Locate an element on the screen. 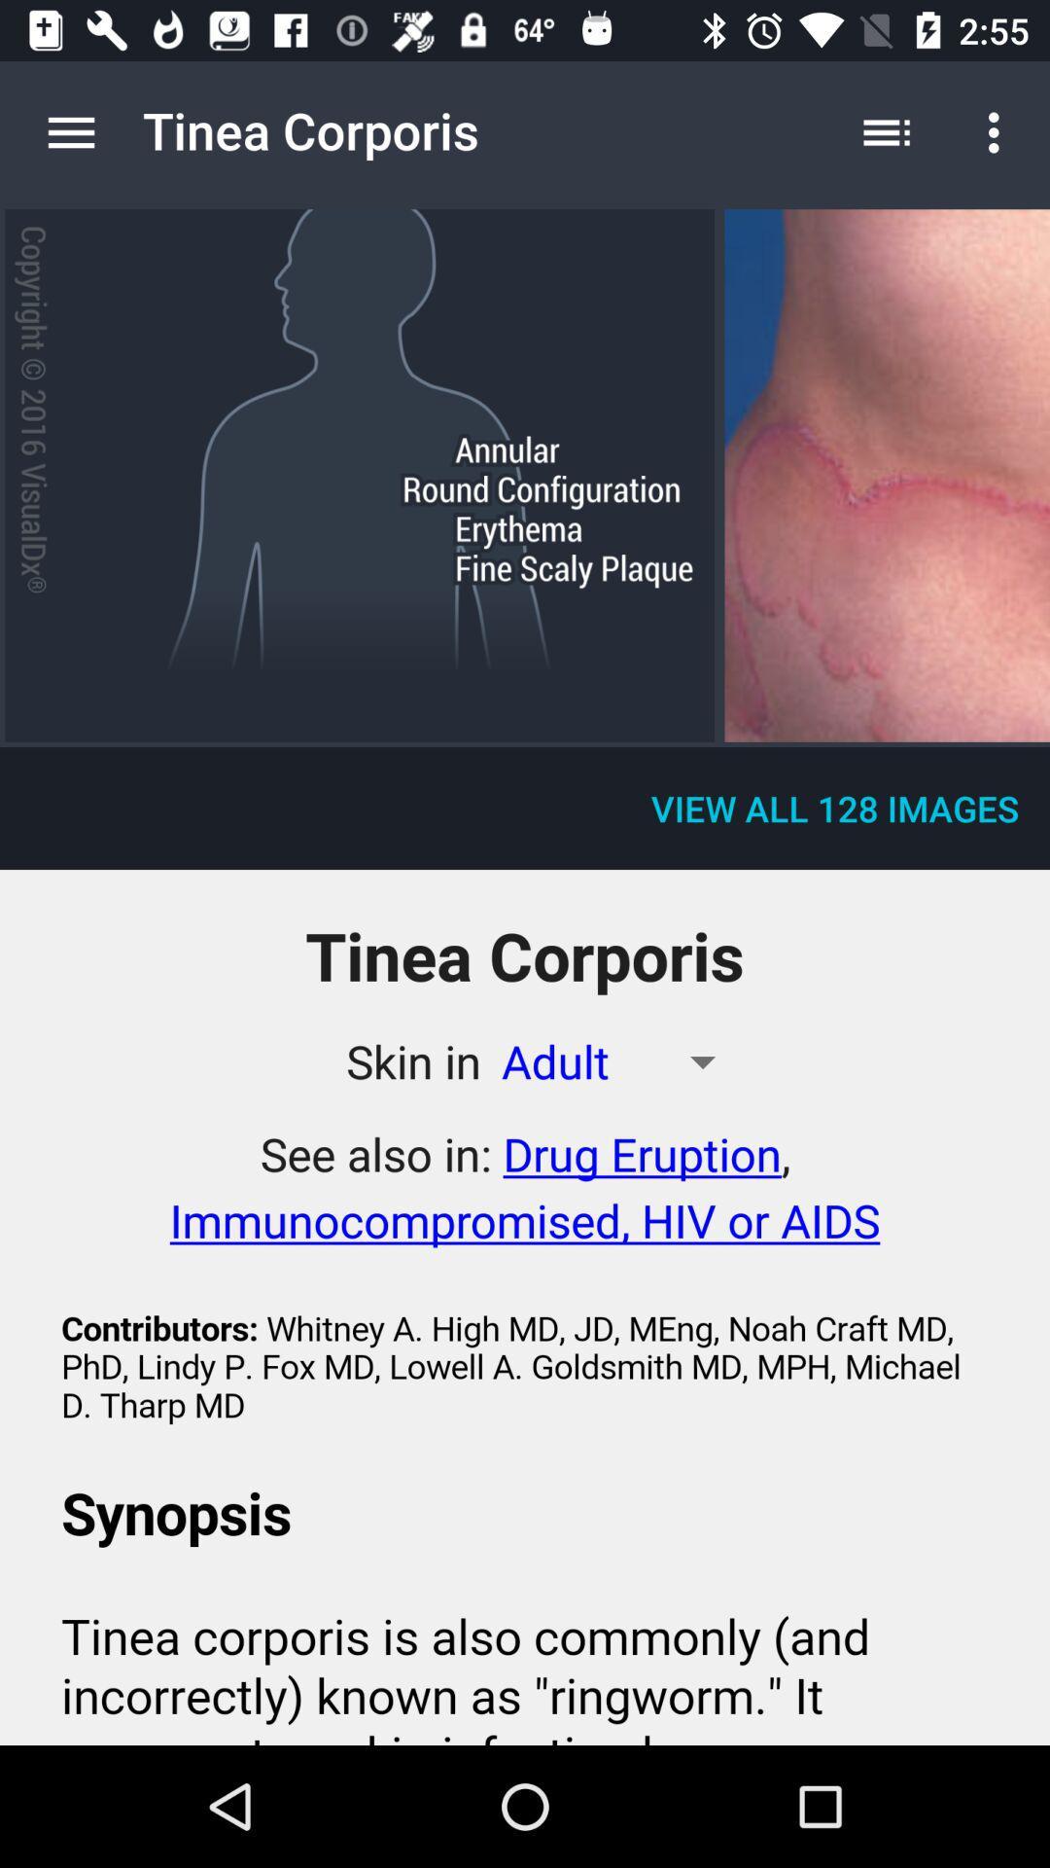 This screenshot has width=1050, height=1868. image is located at coordinates (887, 476).